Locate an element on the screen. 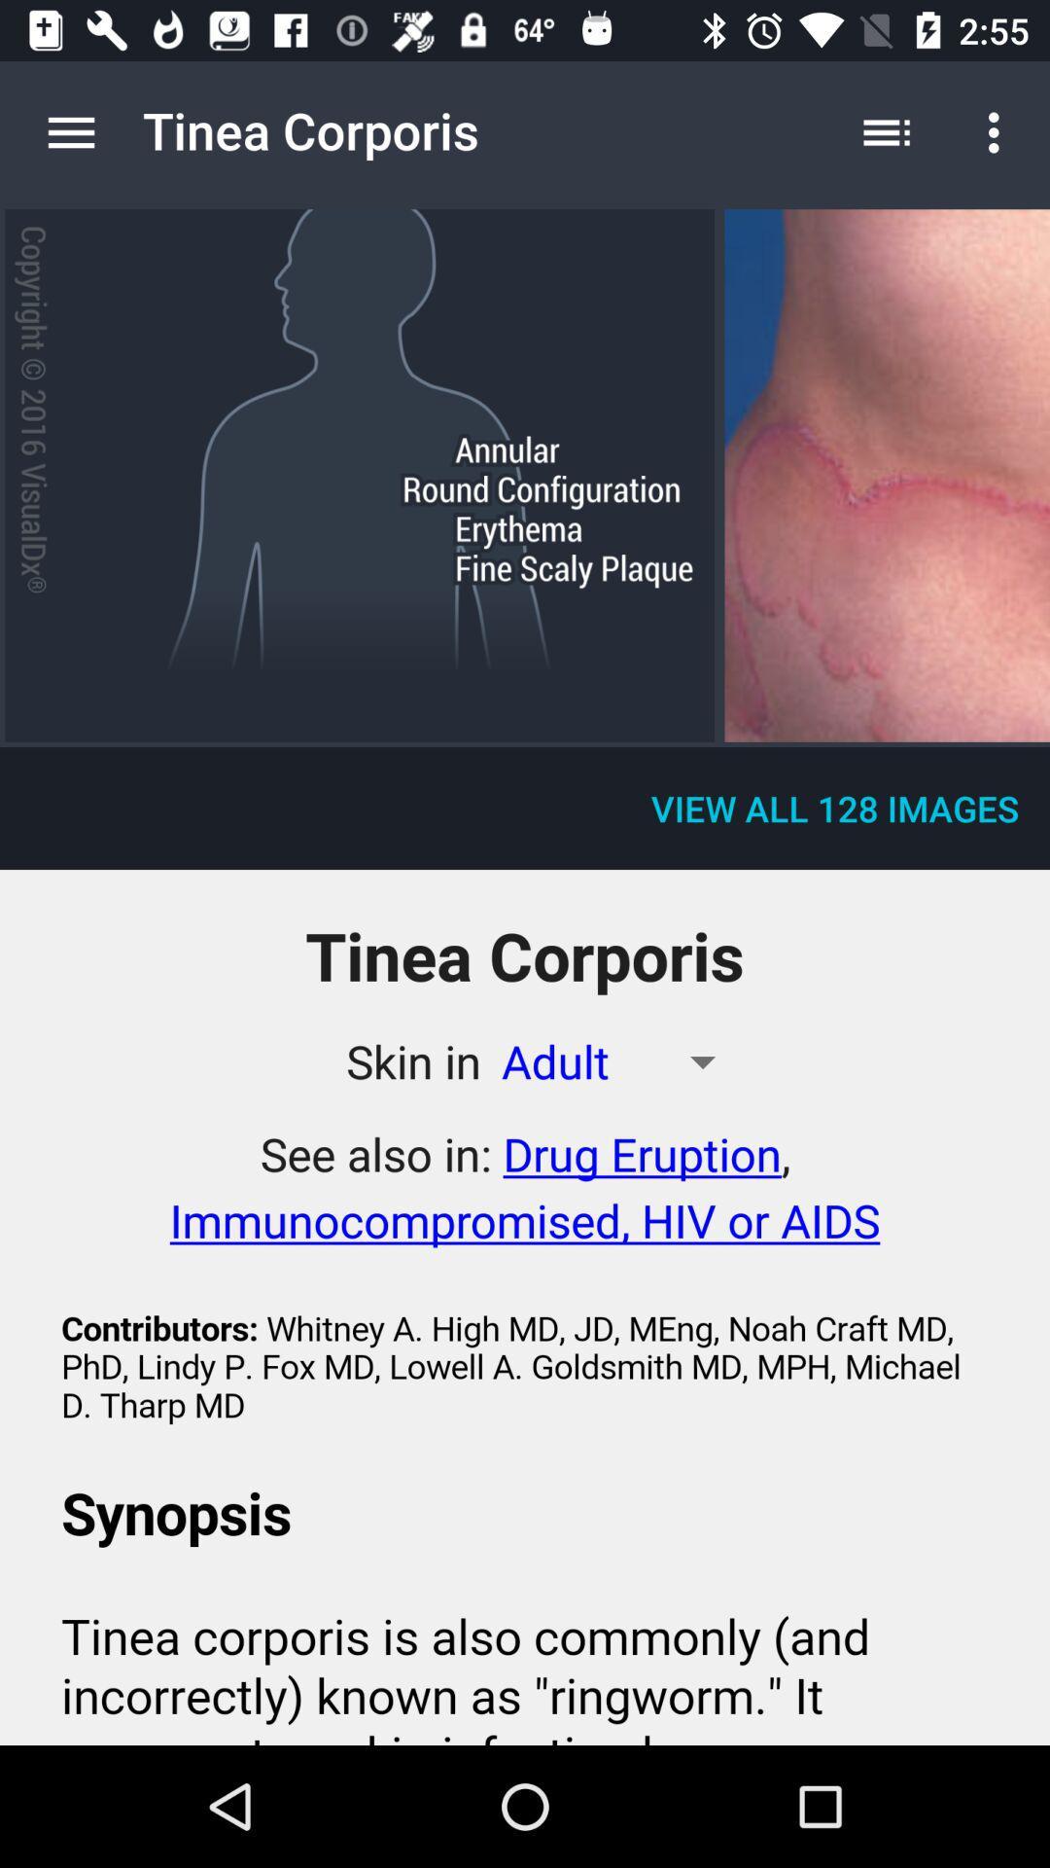 This screenshot has width=1050, height=1868. image is located at coordinates (887, 476).